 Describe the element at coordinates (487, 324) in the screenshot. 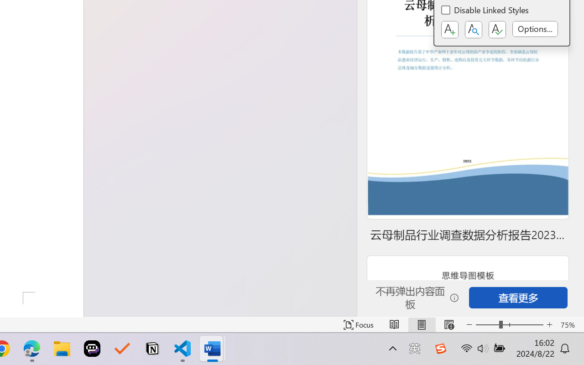

I see `'Zoom Out'` at that location.